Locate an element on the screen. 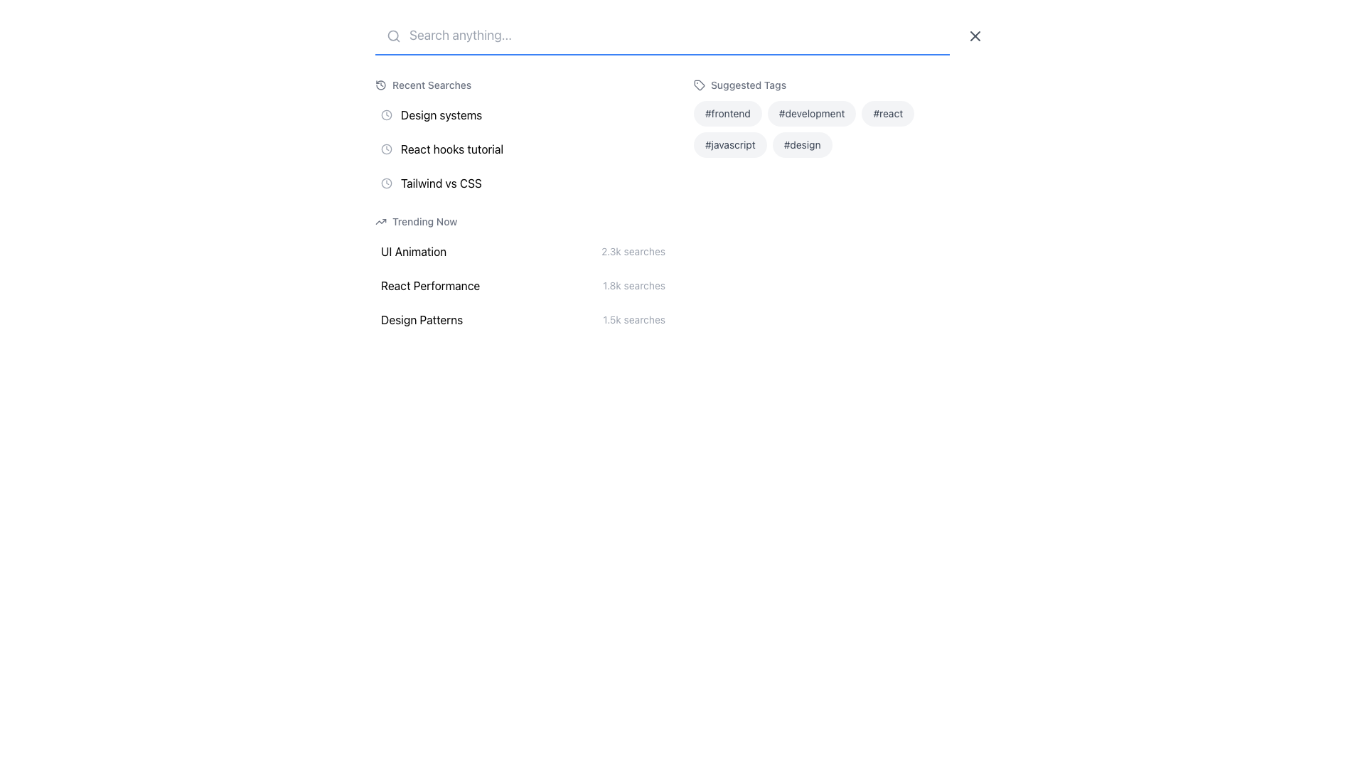  the tag-style button labeled '#javascript' located in the top-right section of the interface, part of the 'Suggested Tags' group, to filter or navigate based on the tag is located at coordinates (730, 145).